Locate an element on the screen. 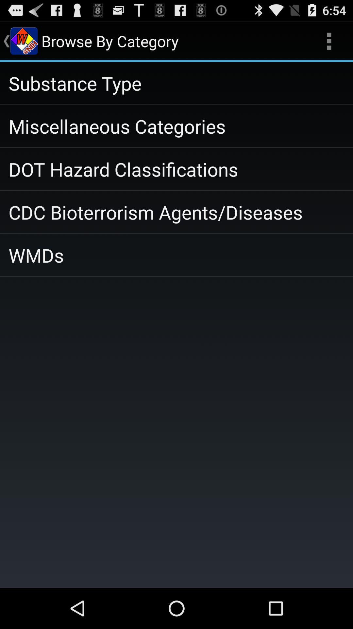 This screenshot has height=629, width=353. item next to browse by category item is located at coordinates (329, 41).